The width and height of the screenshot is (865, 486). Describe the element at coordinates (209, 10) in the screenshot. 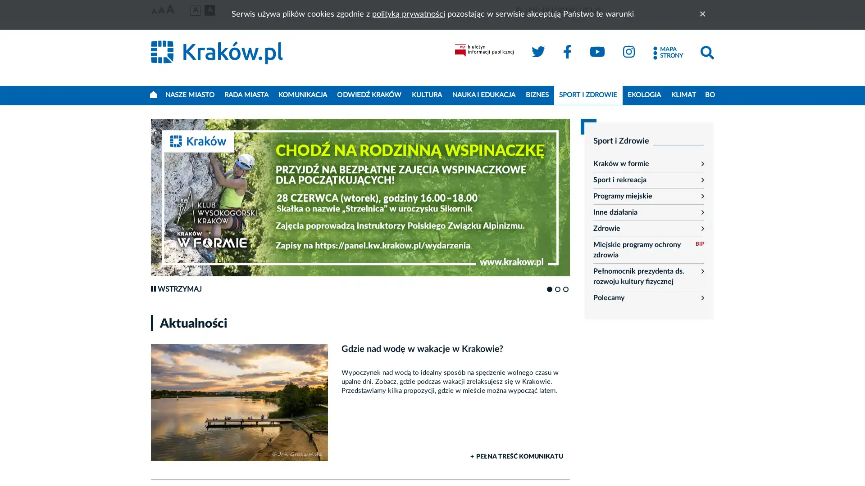

I see `Wersja czarno-zota` at that location.